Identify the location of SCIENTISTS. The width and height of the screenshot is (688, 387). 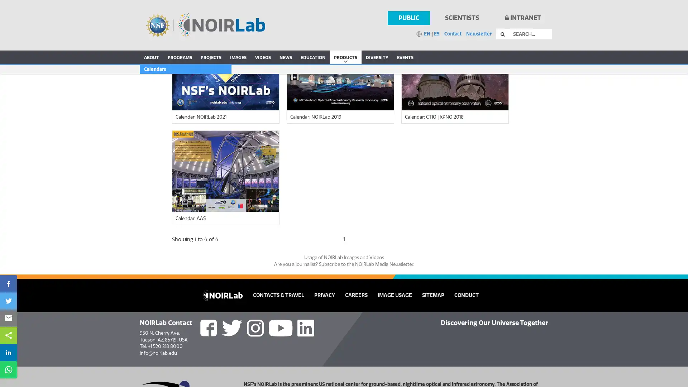
(462, 18).